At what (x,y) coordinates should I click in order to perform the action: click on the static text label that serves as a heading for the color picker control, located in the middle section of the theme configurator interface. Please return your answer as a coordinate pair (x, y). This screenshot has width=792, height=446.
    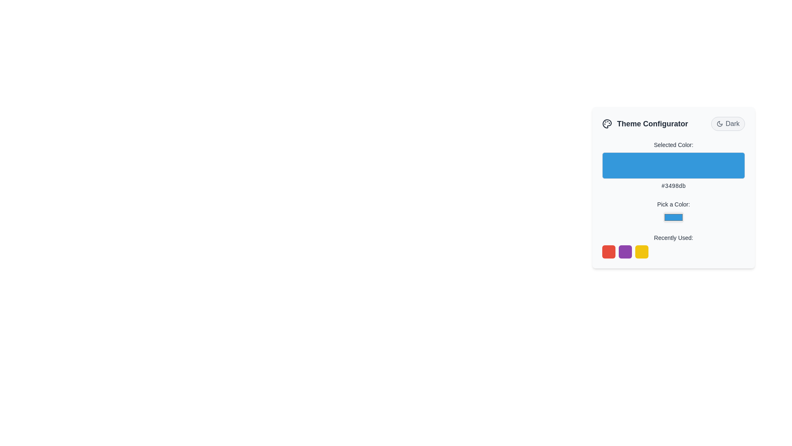
    Looking at the image, I should click on (673, 204).